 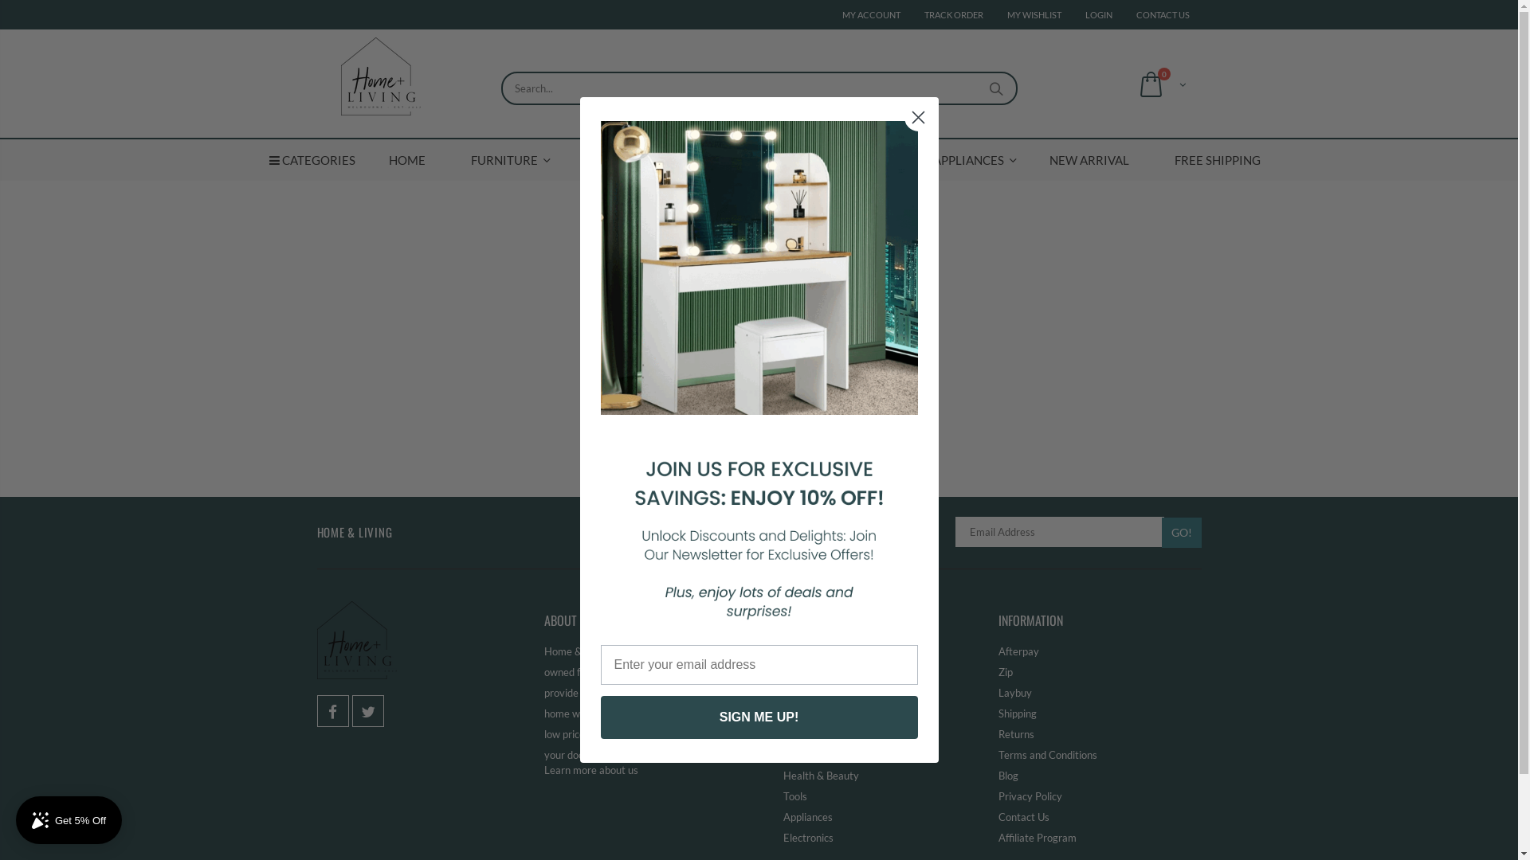 What do you see at coordinates (1089, 159) in the screenshot?
I see `'NEW ARRIVAL'` at bounding box center [1089, 159].